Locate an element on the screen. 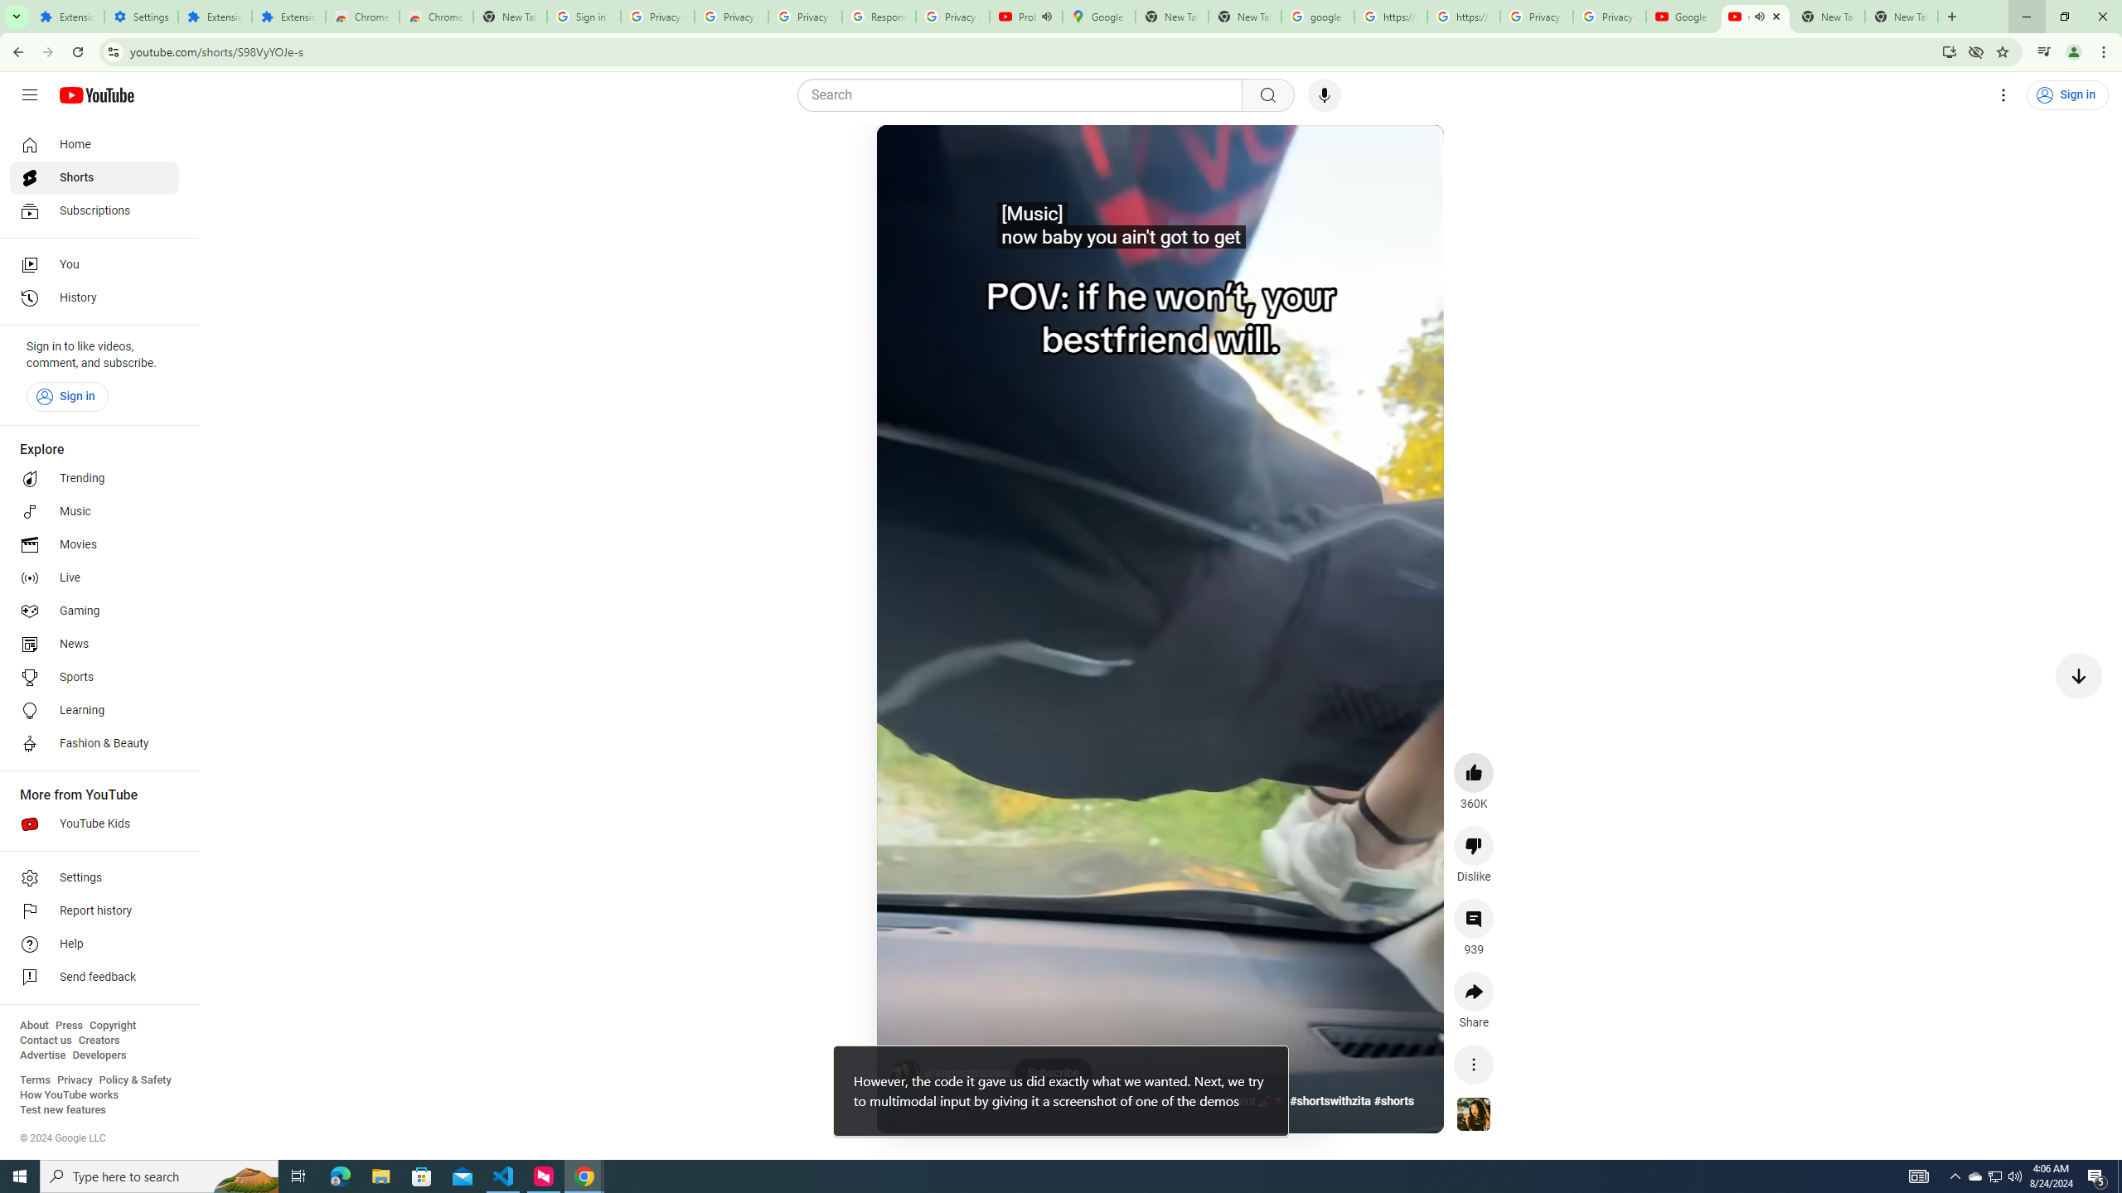 The height and width of the screenshot is (1193, 2122). 'Sports' is located at coordinates (94, 676).